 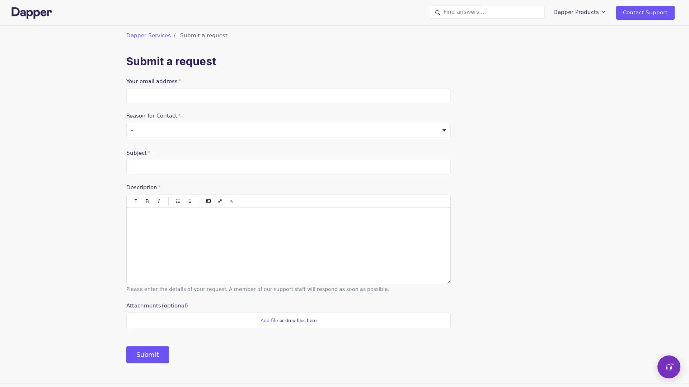 I want to click on Attachments(optional), so click(x=289, y=320).